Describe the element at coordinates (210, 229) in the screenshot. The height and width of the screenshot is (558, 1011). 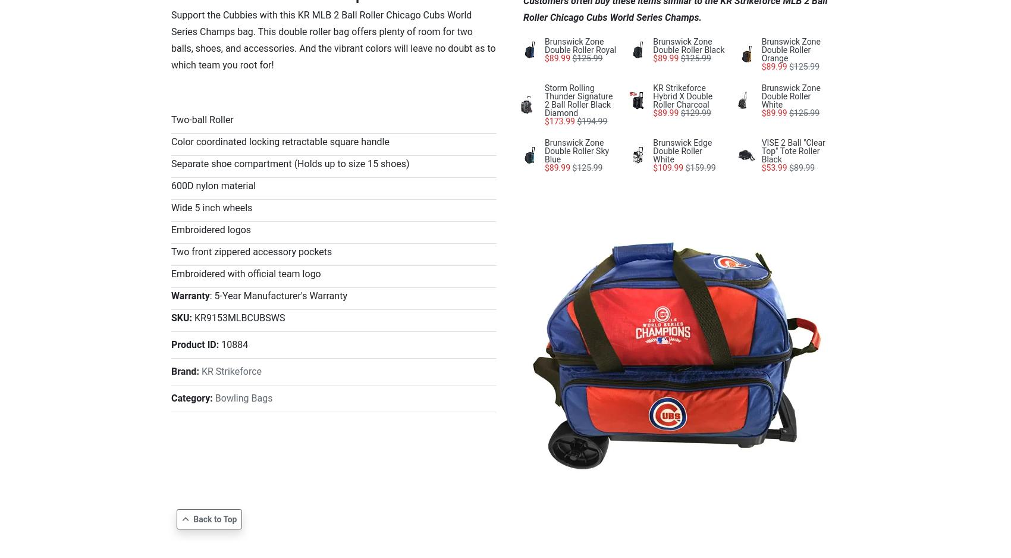
I see `'Embroidered logos'` at that location.